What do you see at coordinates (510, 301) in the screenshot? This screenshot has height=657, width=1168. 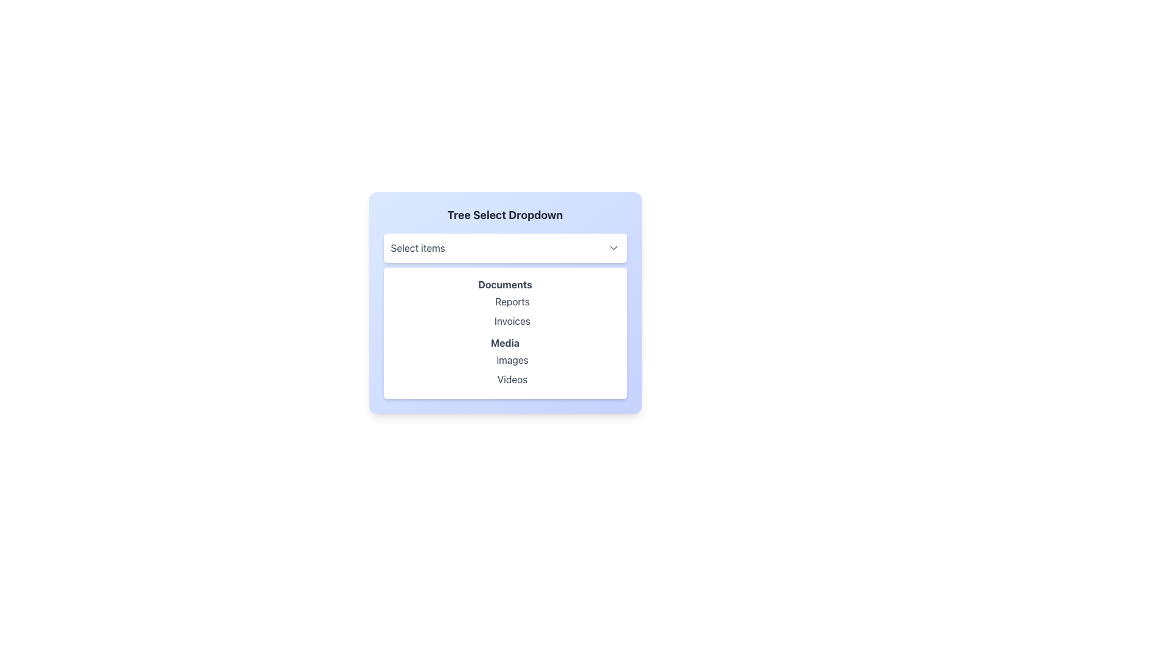 I see `the 'Reports' menu option, which is the first item in a dropdown menu with a light blue background and white selection area` at bounding box center [510, 301].